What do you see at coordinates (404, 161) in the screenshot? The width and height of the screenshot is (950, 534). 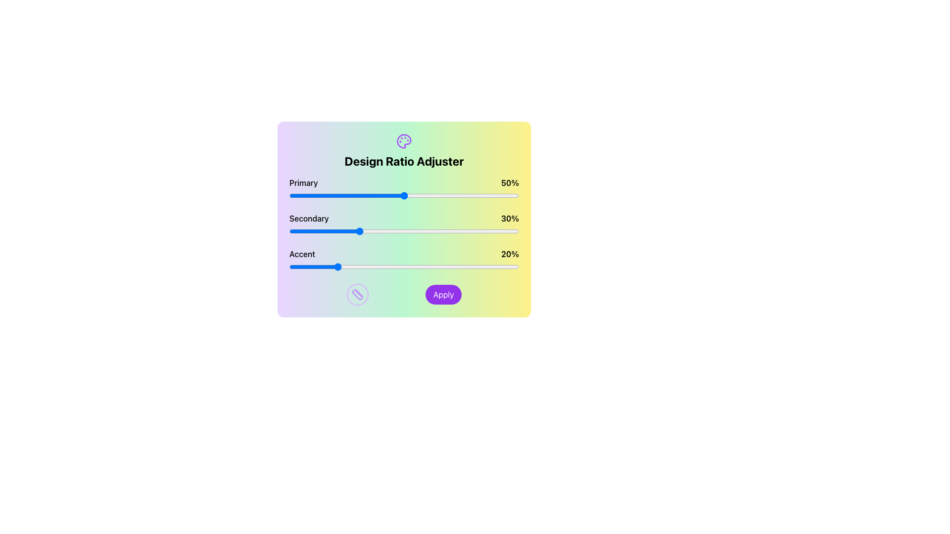 I see `the text label that reads 'Design Ratio Adjuster', which is displayed in a bold font style and located near the top of a colorful card interface, directly below a decorative icon of a palette` at bounding box center [404, 161].